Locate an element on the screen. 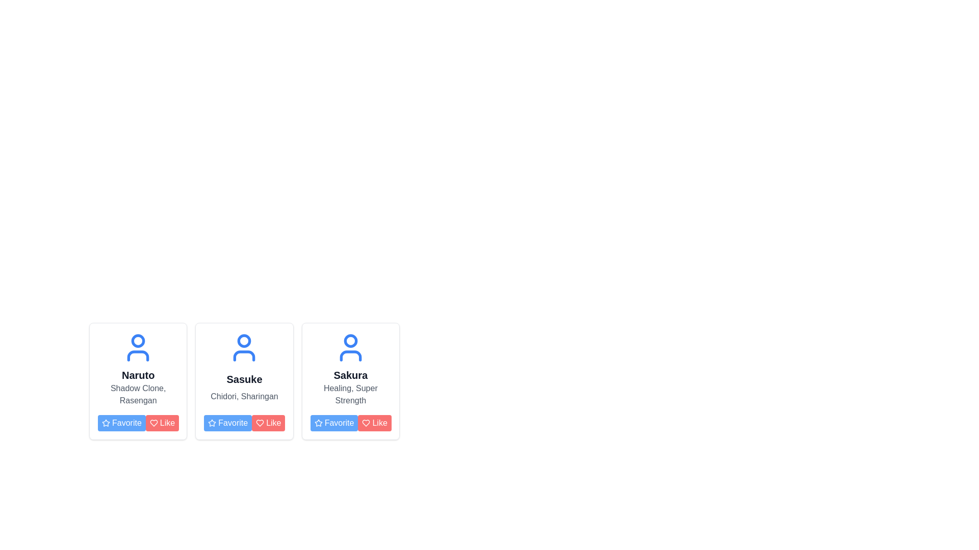  the circular user head icon located at the top of the leftmost user card in the row of user profiles is located at coordinates (138, 341).